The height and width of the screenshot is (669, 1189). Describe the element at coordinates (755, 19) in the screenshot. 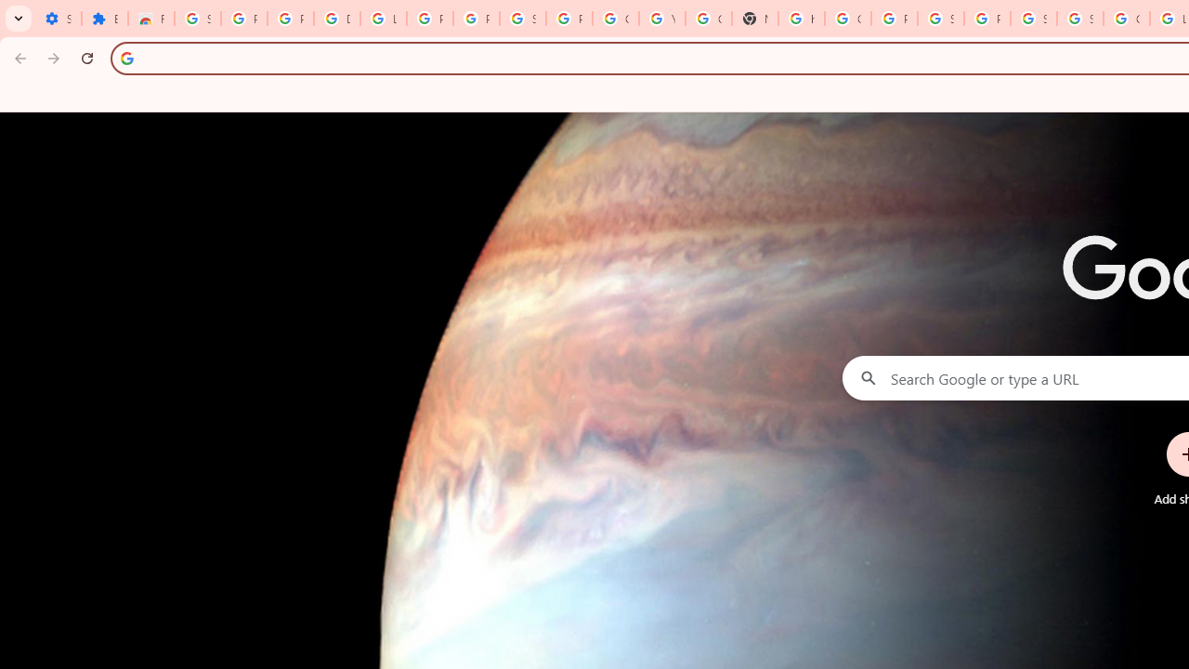

I see `'New Tab'` at that location.